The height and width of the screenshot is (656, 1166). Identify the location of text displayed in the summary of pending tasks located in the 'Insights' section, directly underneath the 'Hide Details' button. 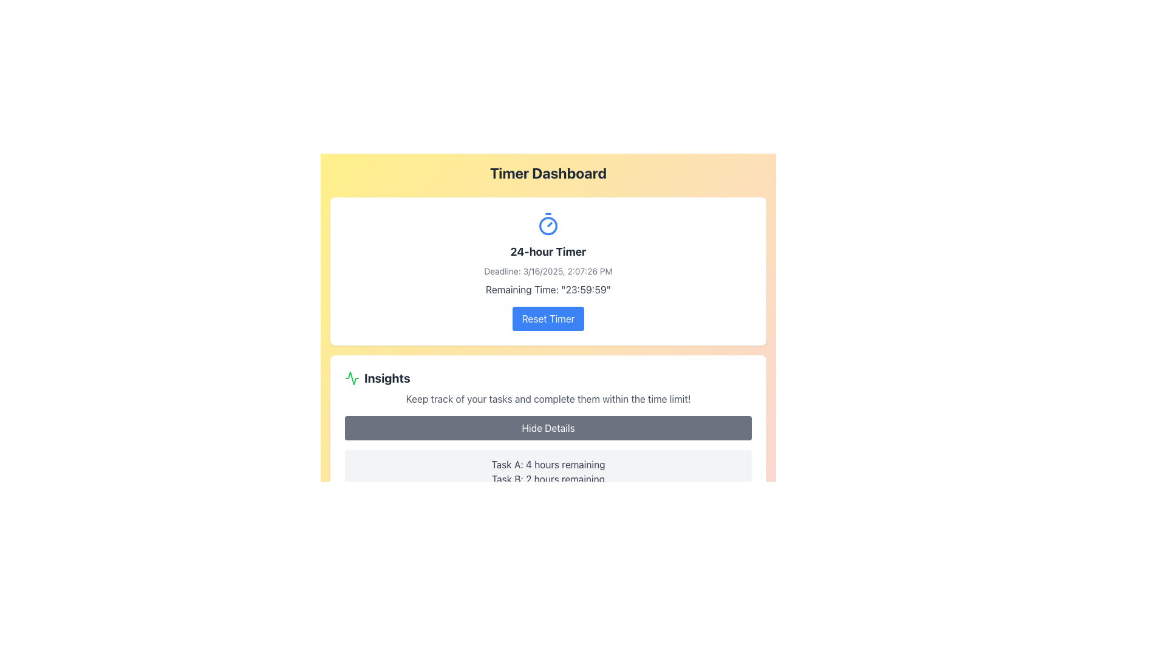
(547, 479).